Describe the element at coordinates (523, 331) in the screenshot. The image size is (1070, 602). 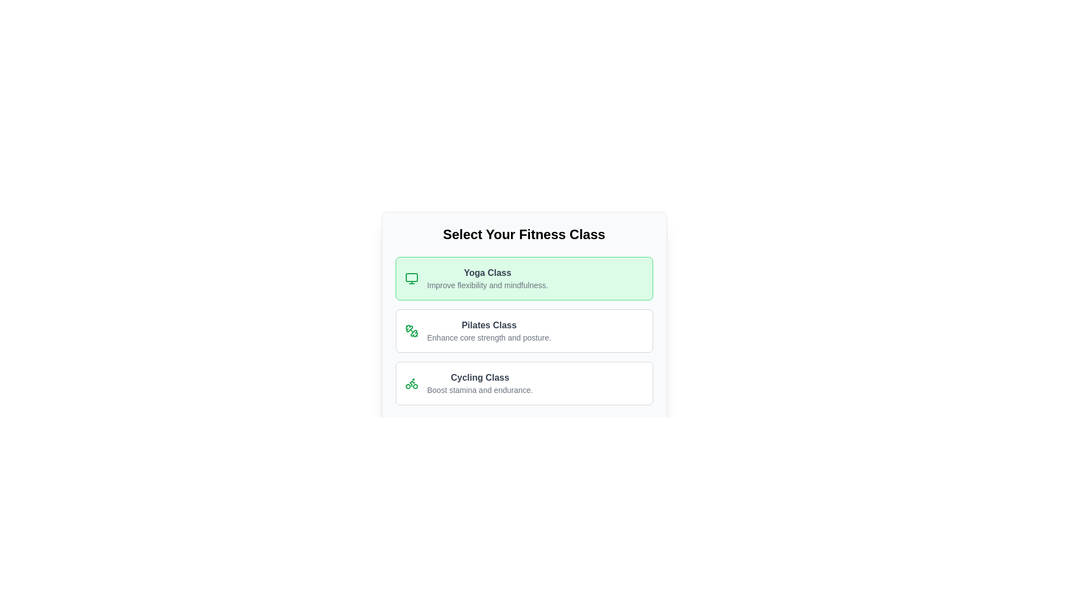
I see `the informational block titled 'Pilates Class'` at that location.